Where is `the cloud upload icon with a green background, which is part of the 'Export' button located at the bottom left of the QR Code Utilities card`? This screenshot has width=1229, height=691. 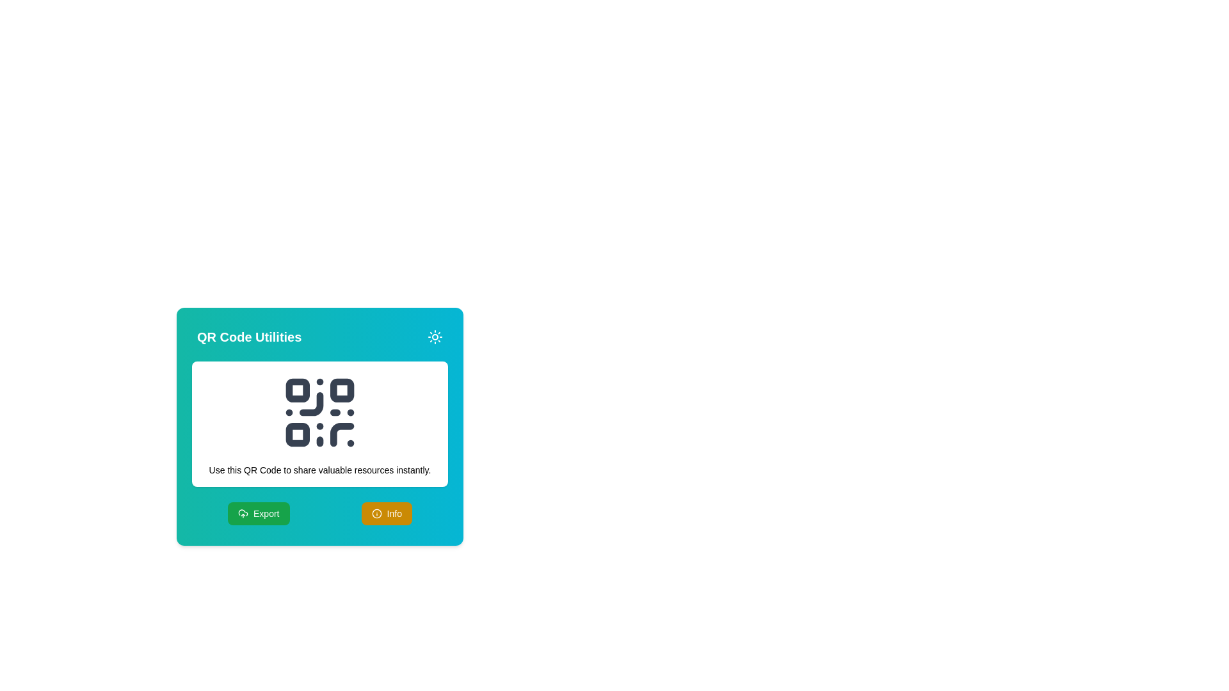
the cloud upload icon with a green background, which is part of the 'Export' button located at the bottom left of the QR Code Utilities card is located at coordinates (243, 512).